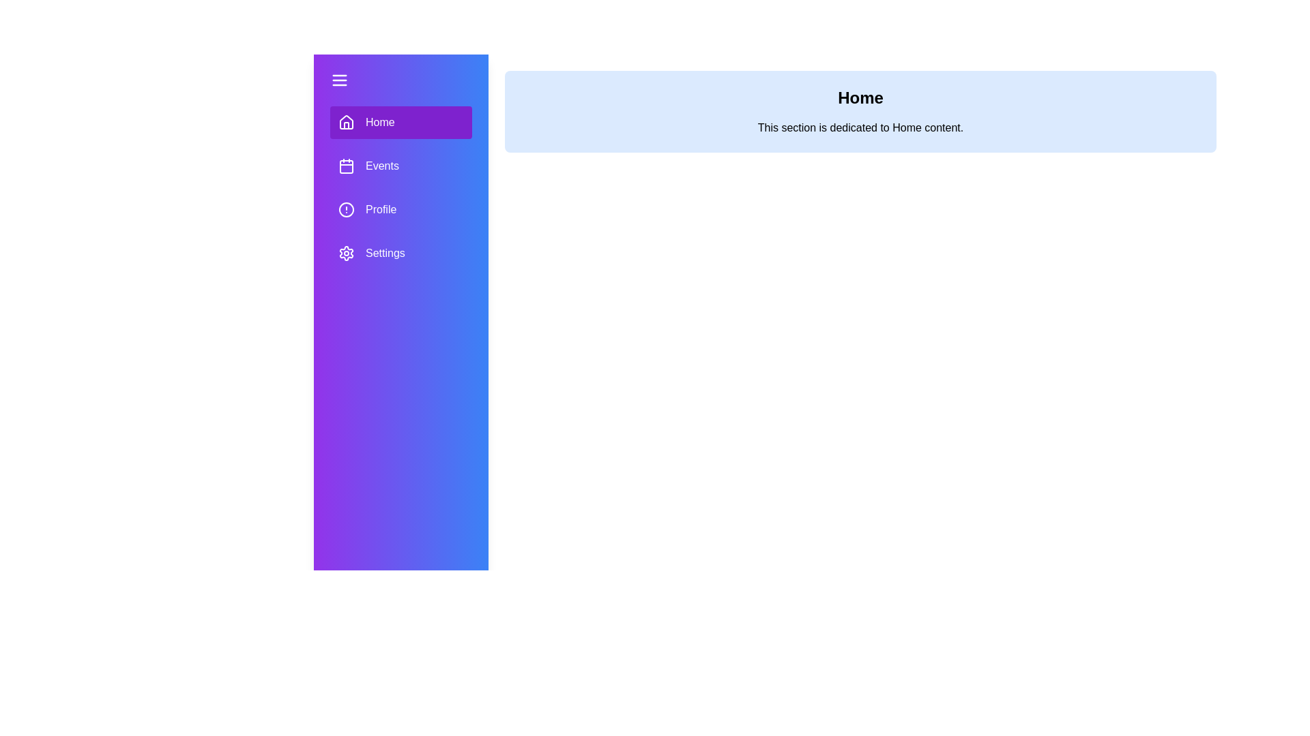 The height and width of the screenshot is (736, 1310). Describe the element at coordinates (860, 128) in the screenshot. I see `text label displaying 'This section is dedicated to Home content.' which is located beneath the header 'Home.'` at that location.